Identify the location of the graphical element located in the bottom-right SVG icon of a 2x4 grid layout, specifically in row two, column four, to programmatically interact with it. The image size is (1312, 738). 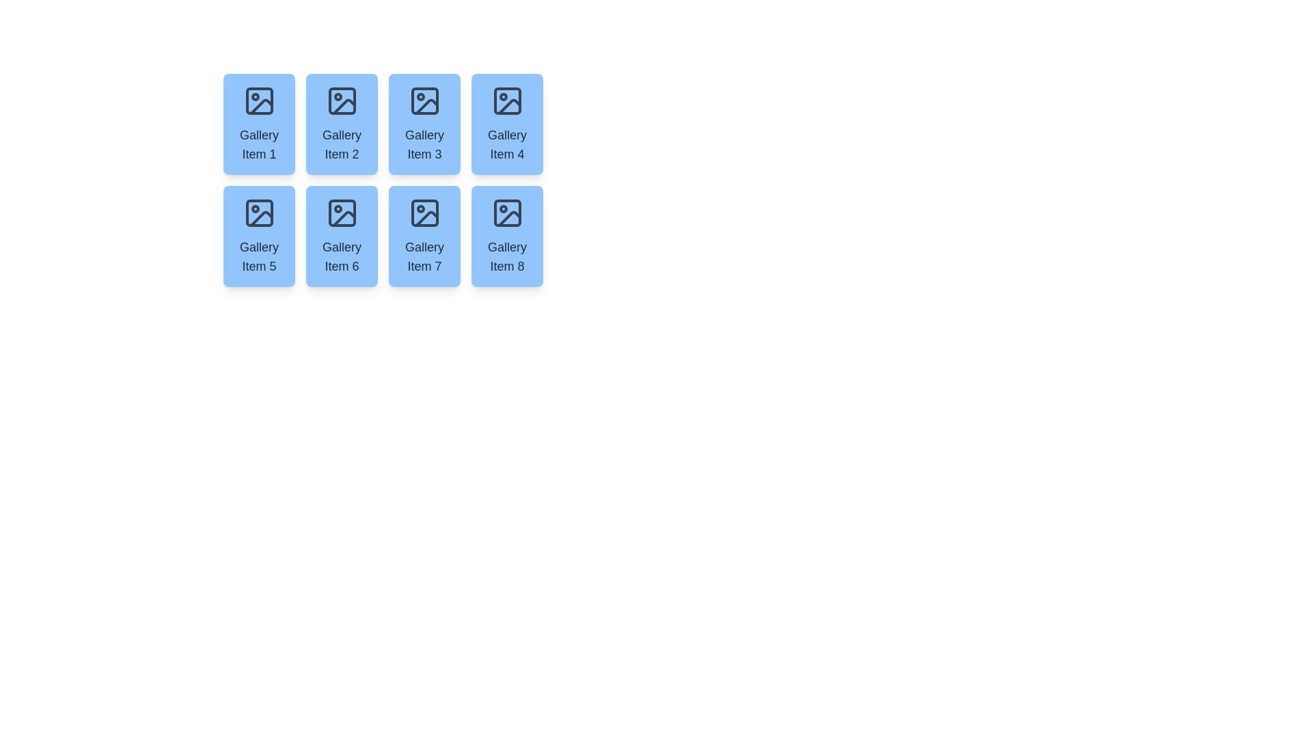
(506, 213).